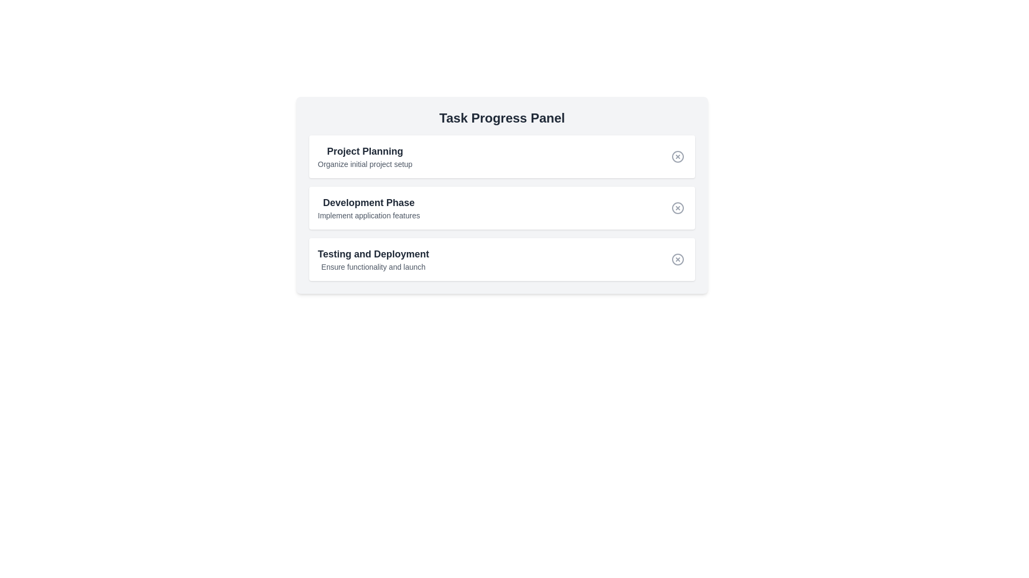 This screenshot has width=1029, height=578. What do you see at coordinates (369, 208) in the screenshot?
I see `the static text block that indicates a project phase, positioned under 'Project Planning' and above 'Testing and Deployment'` at bounding box center [369, 208].